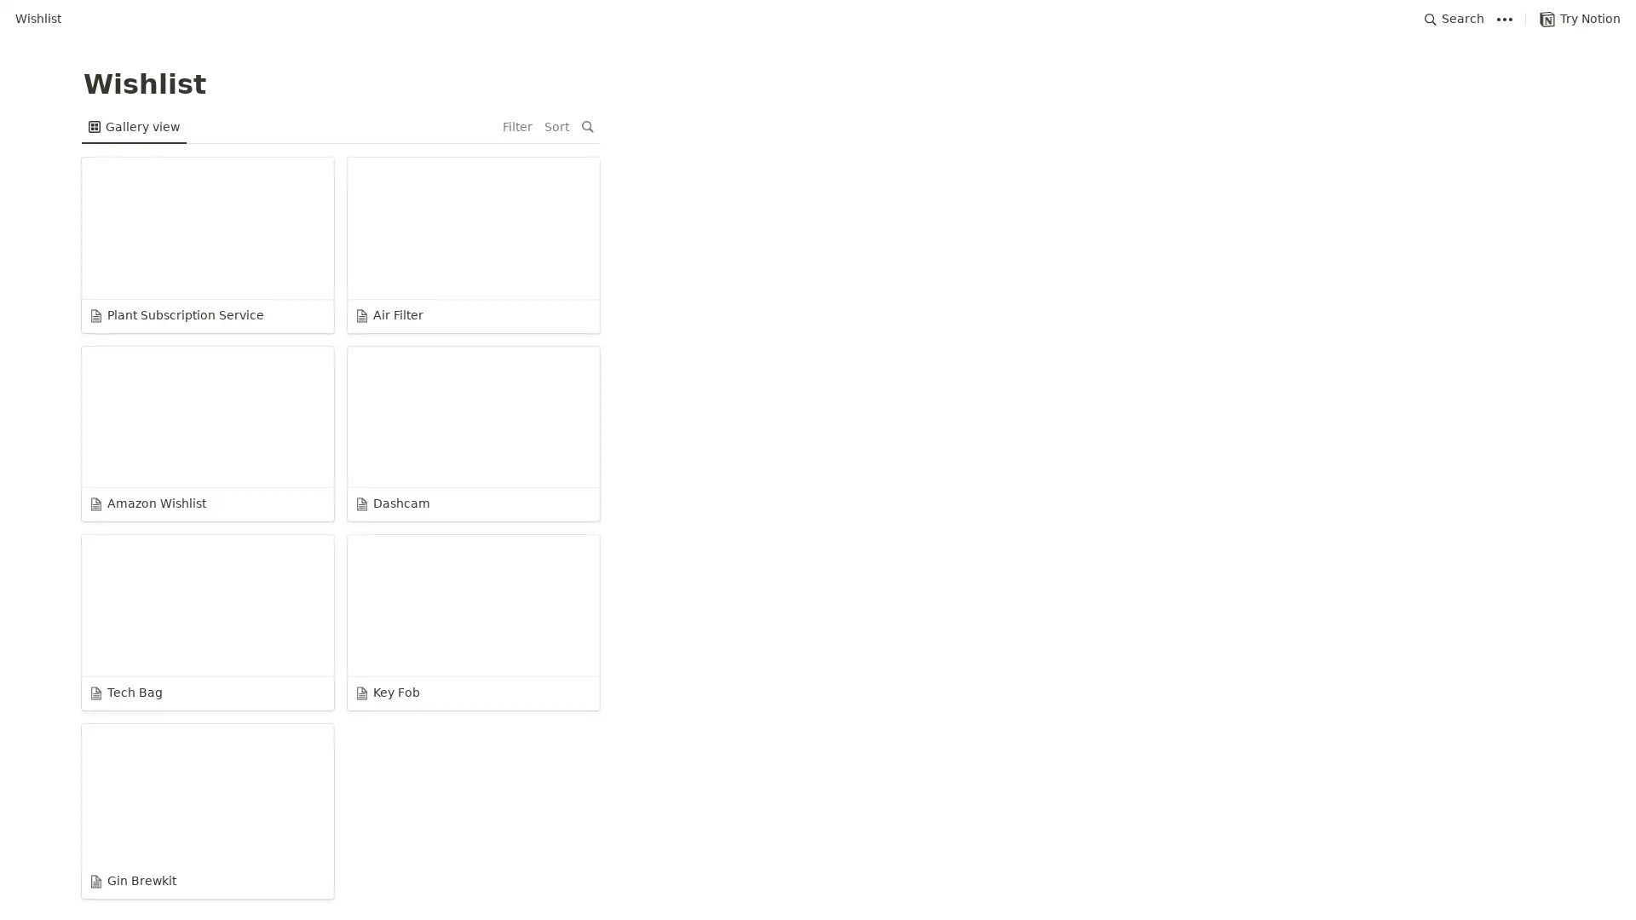  Describe the element at coordinates (694, 252) in the screenshot. I see `Drag image to reposition Amazon Wishlist` at that location.